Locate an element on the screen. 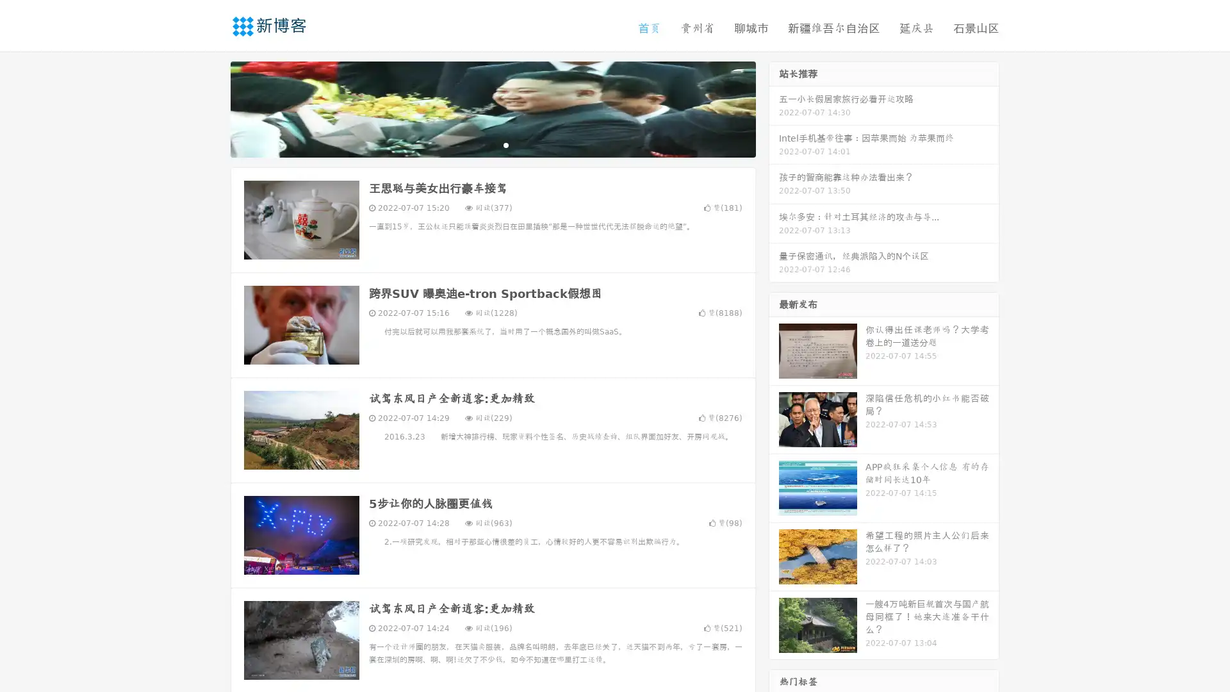 The image size is (1230, 692). Next slide is located at coordinates (774, 108).